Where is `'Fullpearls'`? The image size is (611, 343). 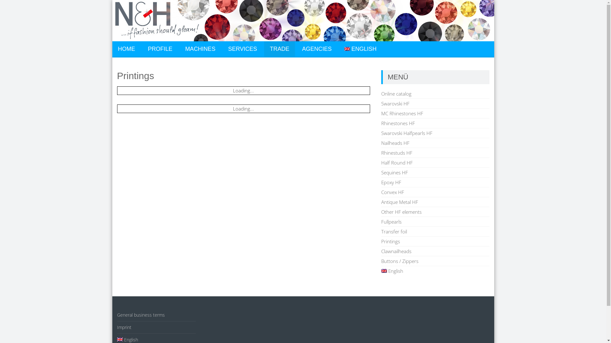 'Fullpearls' is located at coordinates (391, 221).